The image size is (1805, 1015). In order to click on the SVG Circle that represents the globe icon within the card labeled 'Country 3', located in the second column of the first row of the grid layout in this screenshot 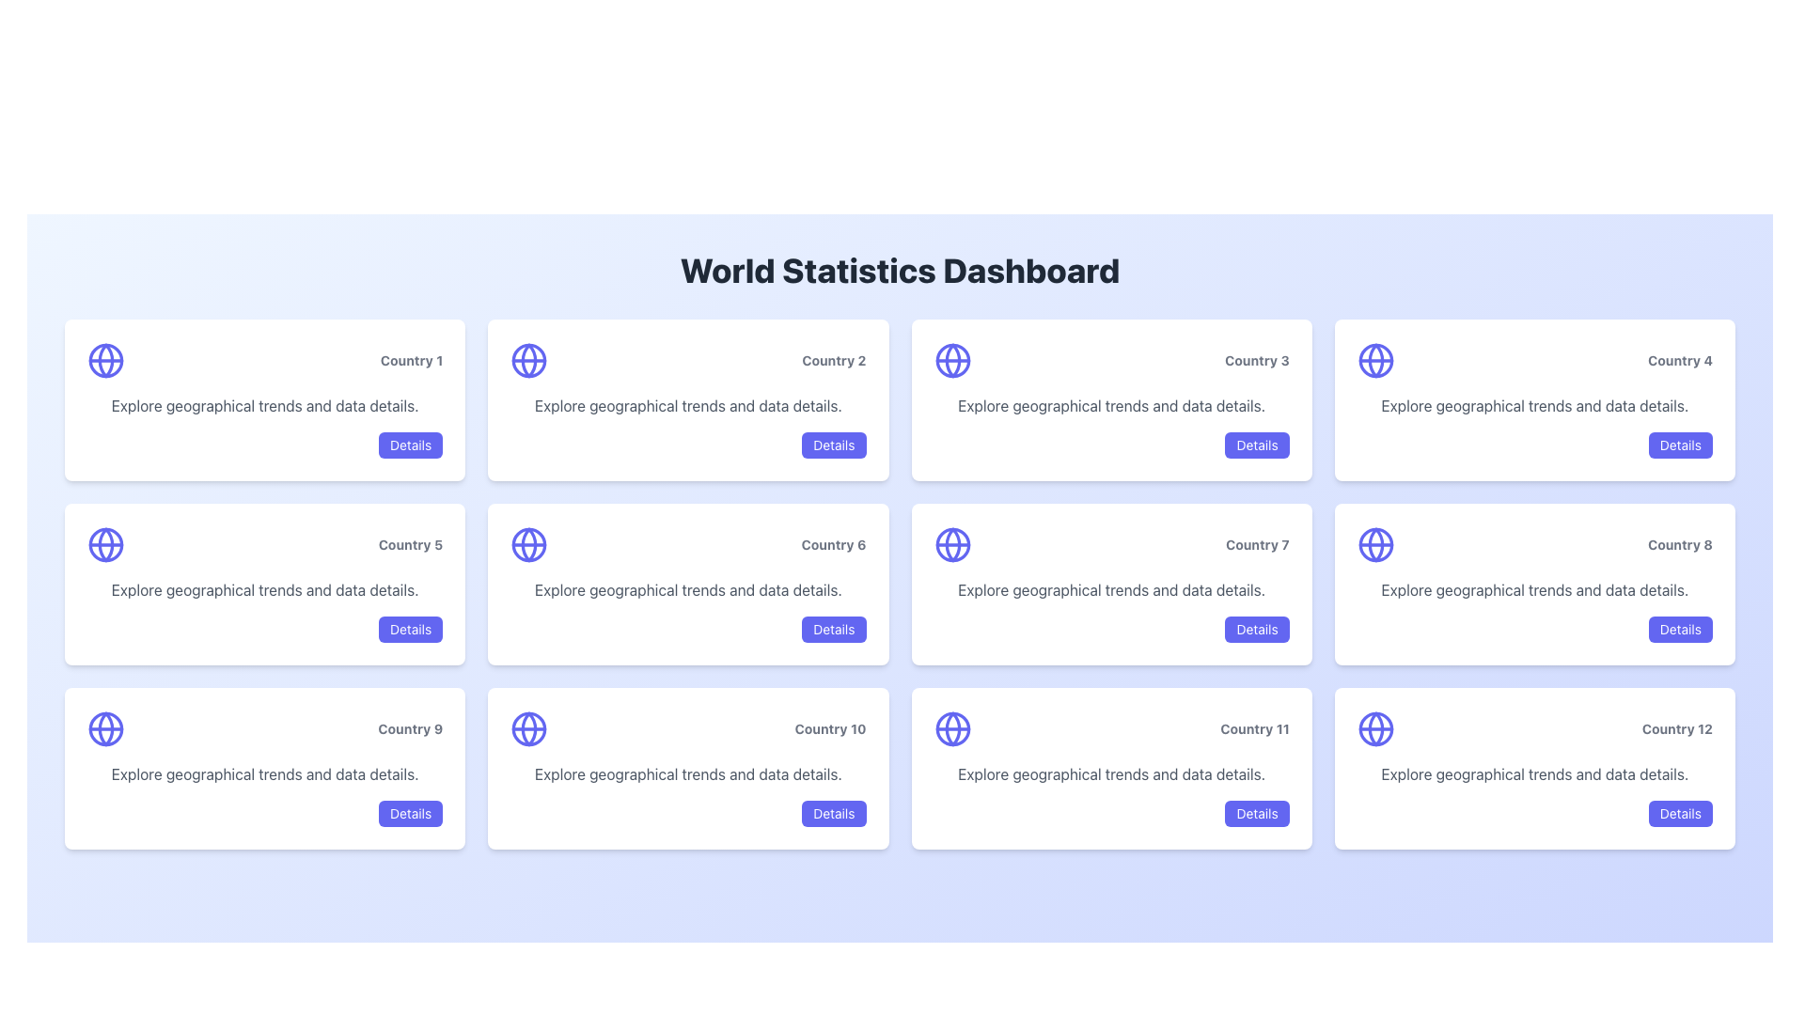, I will do `click(952, 361)`.